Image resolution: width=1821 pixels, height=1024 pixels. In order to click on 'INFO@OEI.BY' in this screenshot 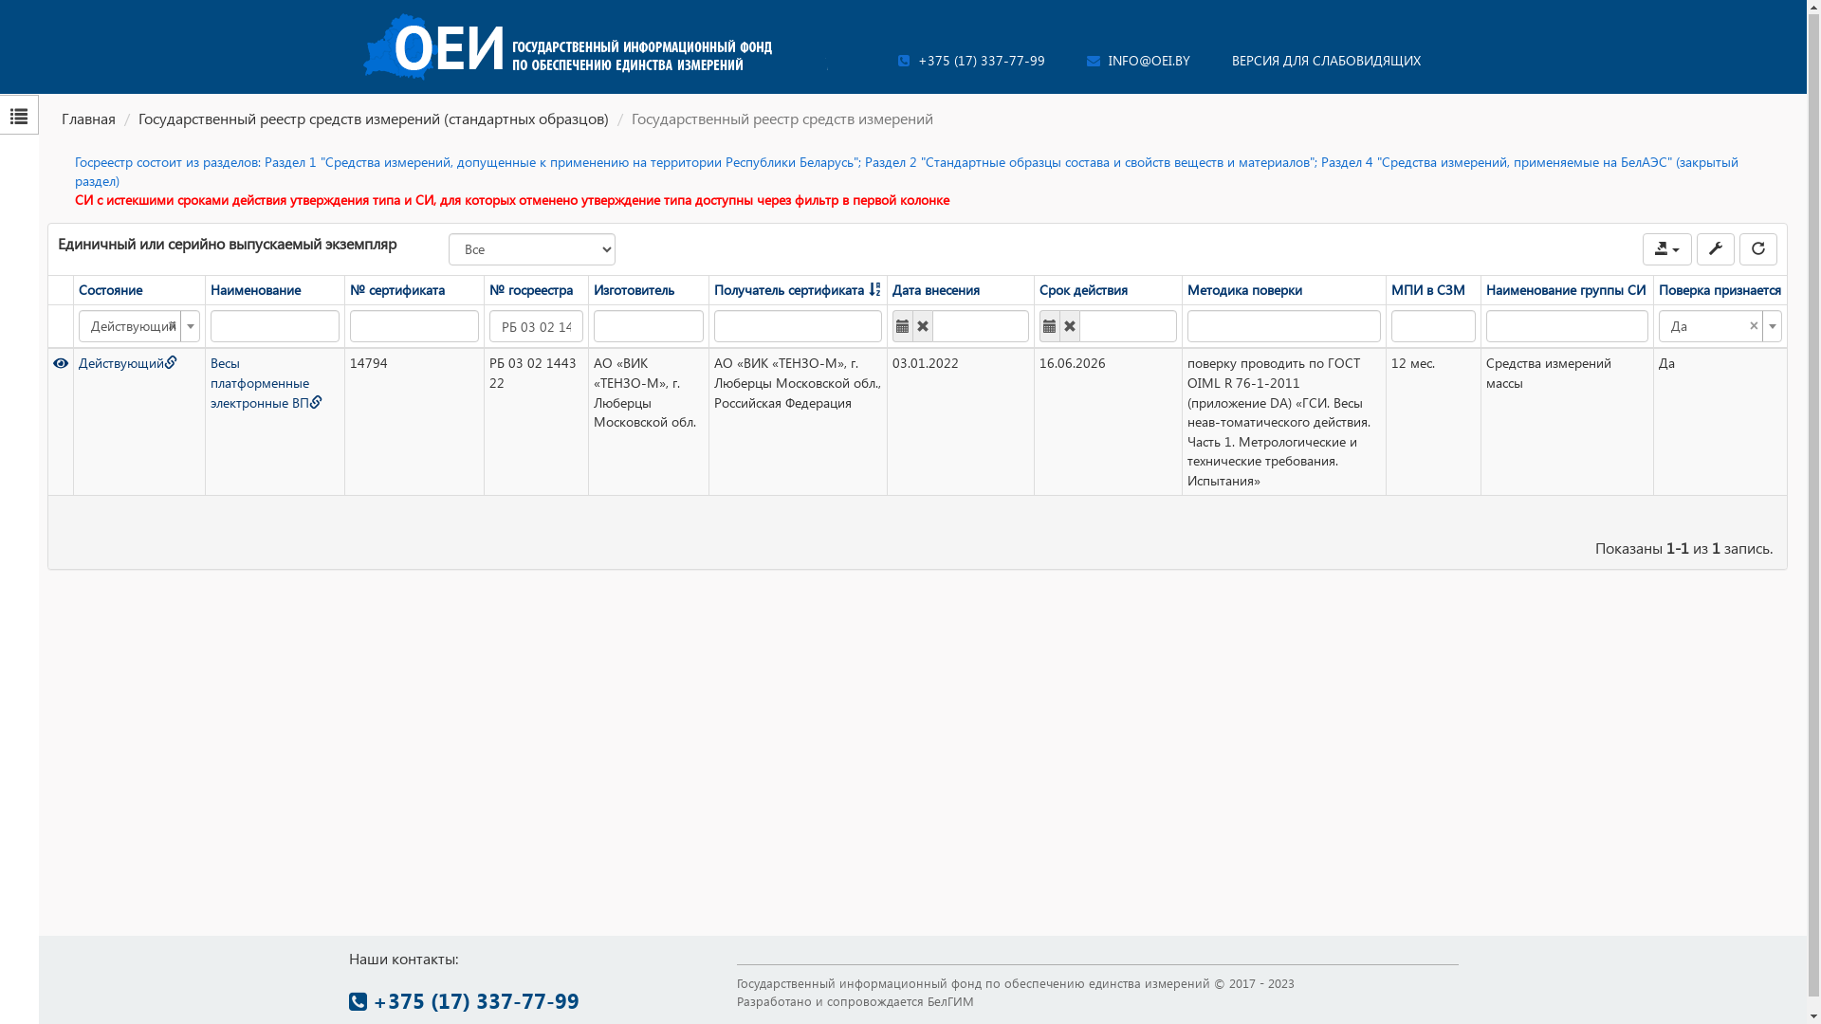, I will do `click(1138, 60)`.